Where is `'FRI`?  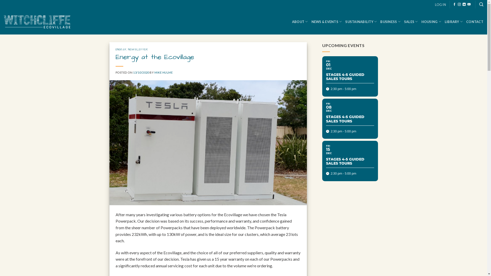 'FRI is located at coordinates (350, 76).